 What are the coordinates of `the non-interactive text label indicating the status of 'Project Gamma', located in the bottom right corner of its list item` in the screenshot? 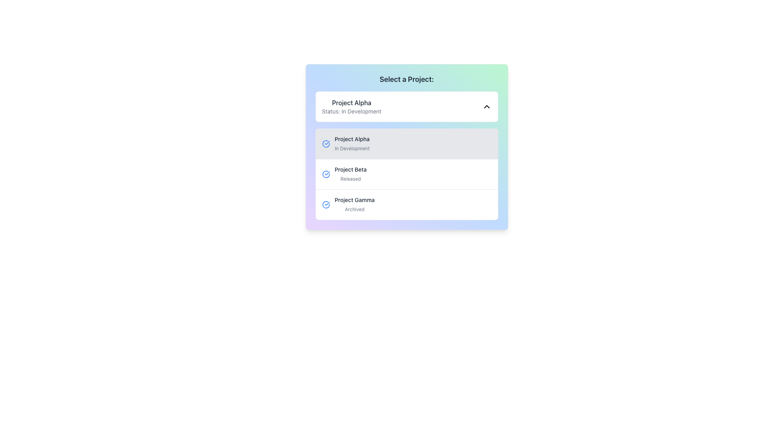 It's located at (354, 209).